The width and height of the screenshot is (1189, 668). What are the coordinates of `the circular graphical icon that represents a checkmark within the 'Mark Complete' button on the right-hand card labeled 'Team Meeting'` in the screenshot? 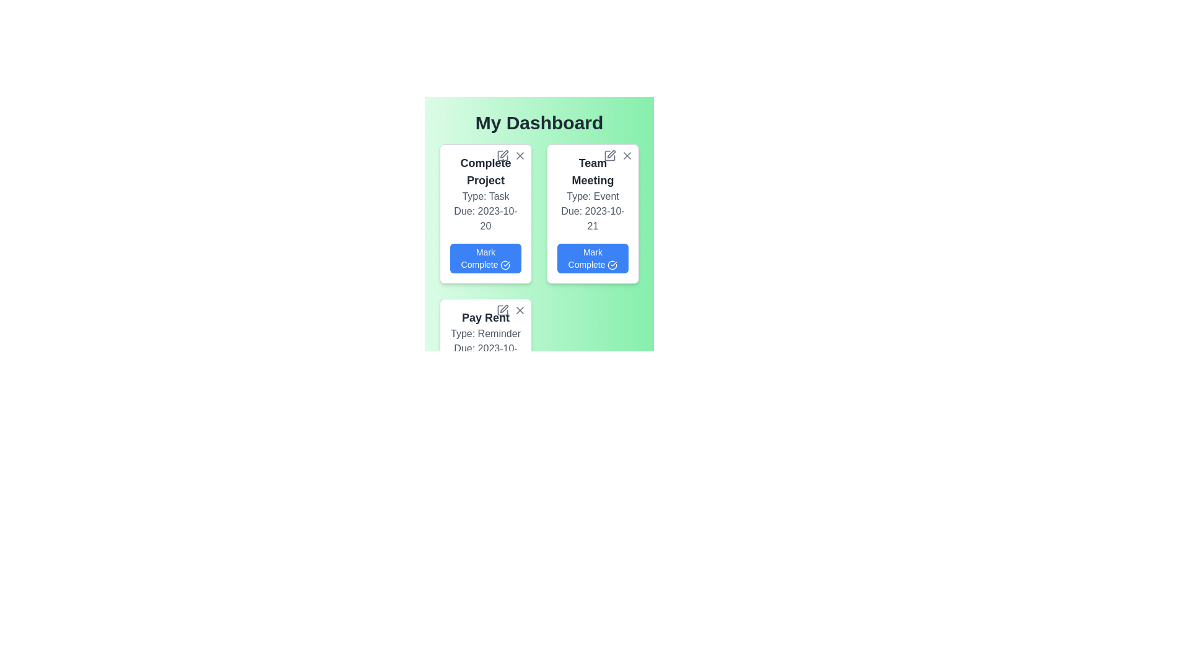 It's located at (612, 265).